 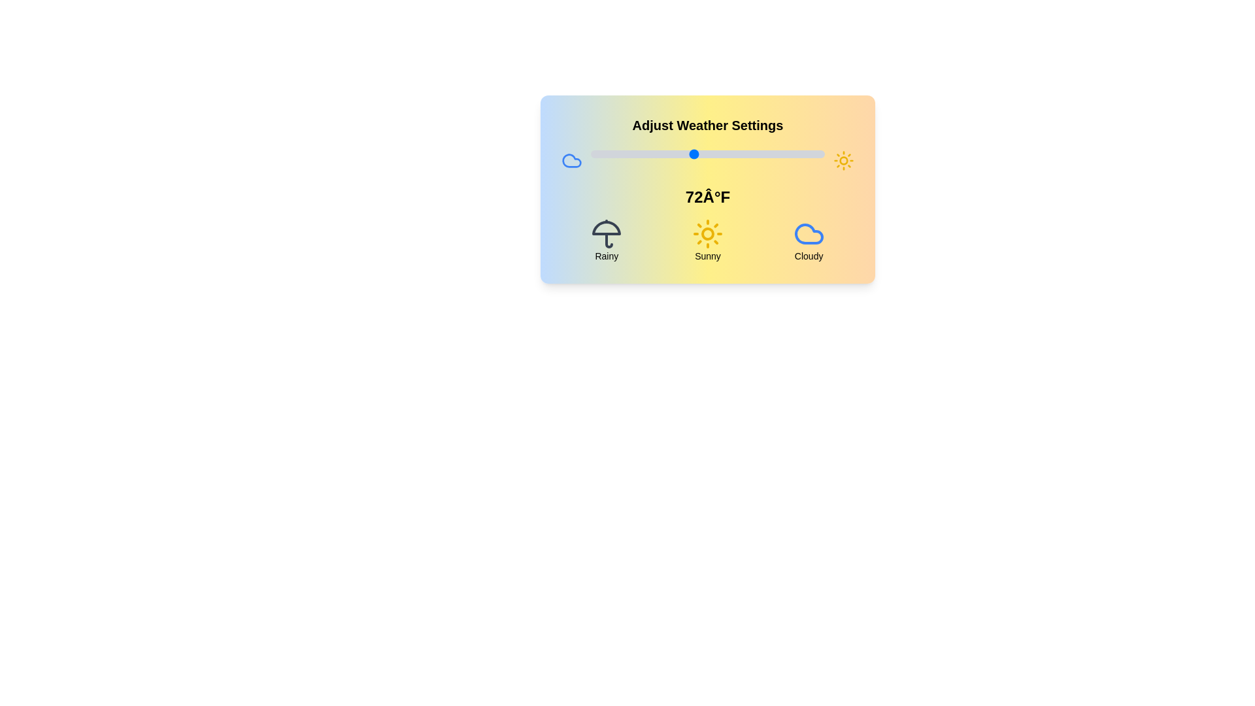 What do you see at coordinates (706, 233) in the screenshot?
I see `the weather condition icon corresponding to Sunny` at bounding box center [706, 233].